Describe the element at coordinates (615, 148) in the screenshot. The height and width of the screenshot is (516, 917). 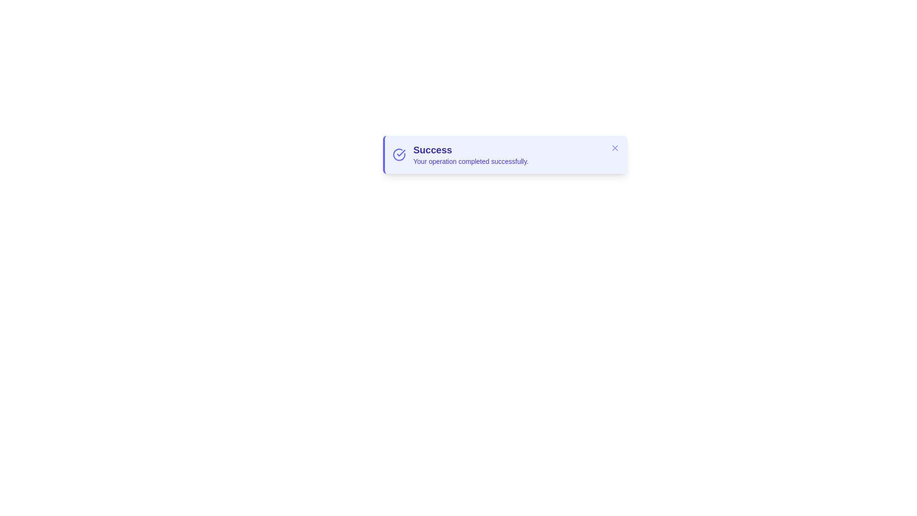
I see `the interactive 'X' icon in light indigo color located at the top right corner of the success notification card` at that location.